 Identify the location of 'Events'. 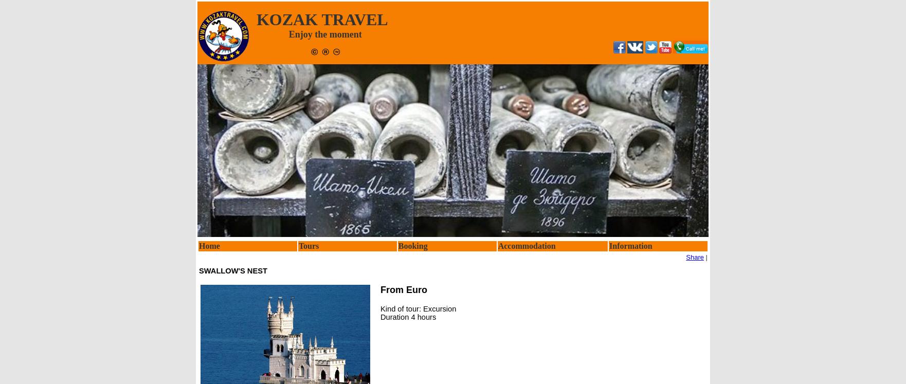
(610, 313).